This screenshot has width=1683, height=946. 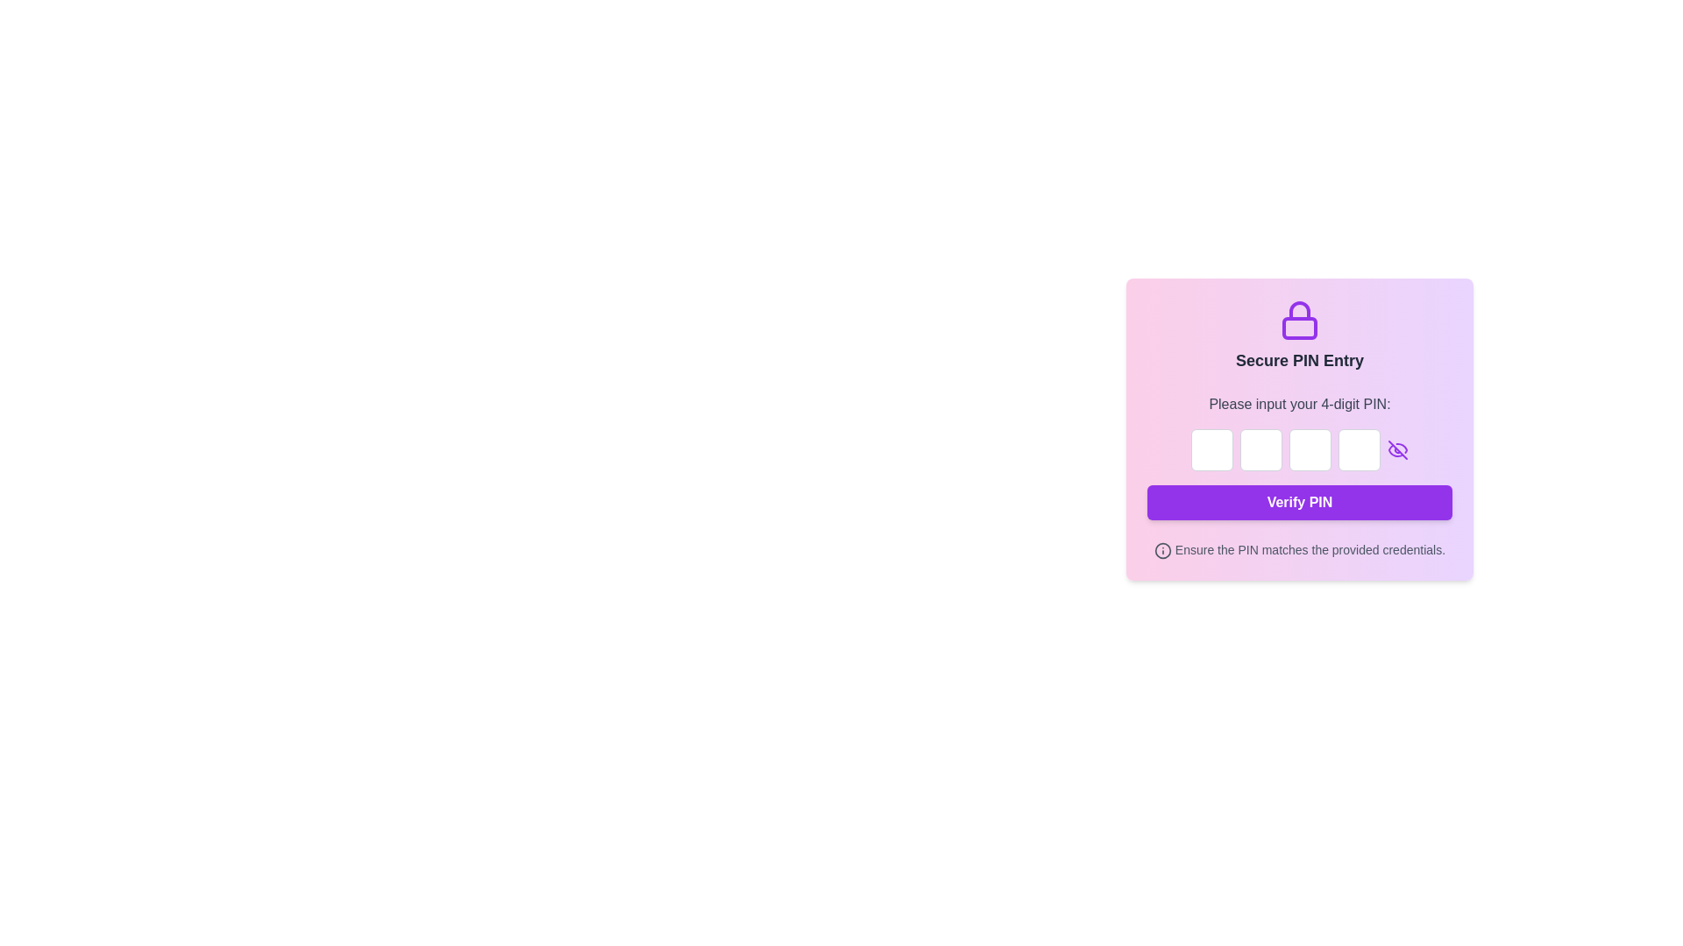 I want to click on the eye icon button used to toggle visibility, which is styled with a line crossing through it, so click(x=1396, y=448).